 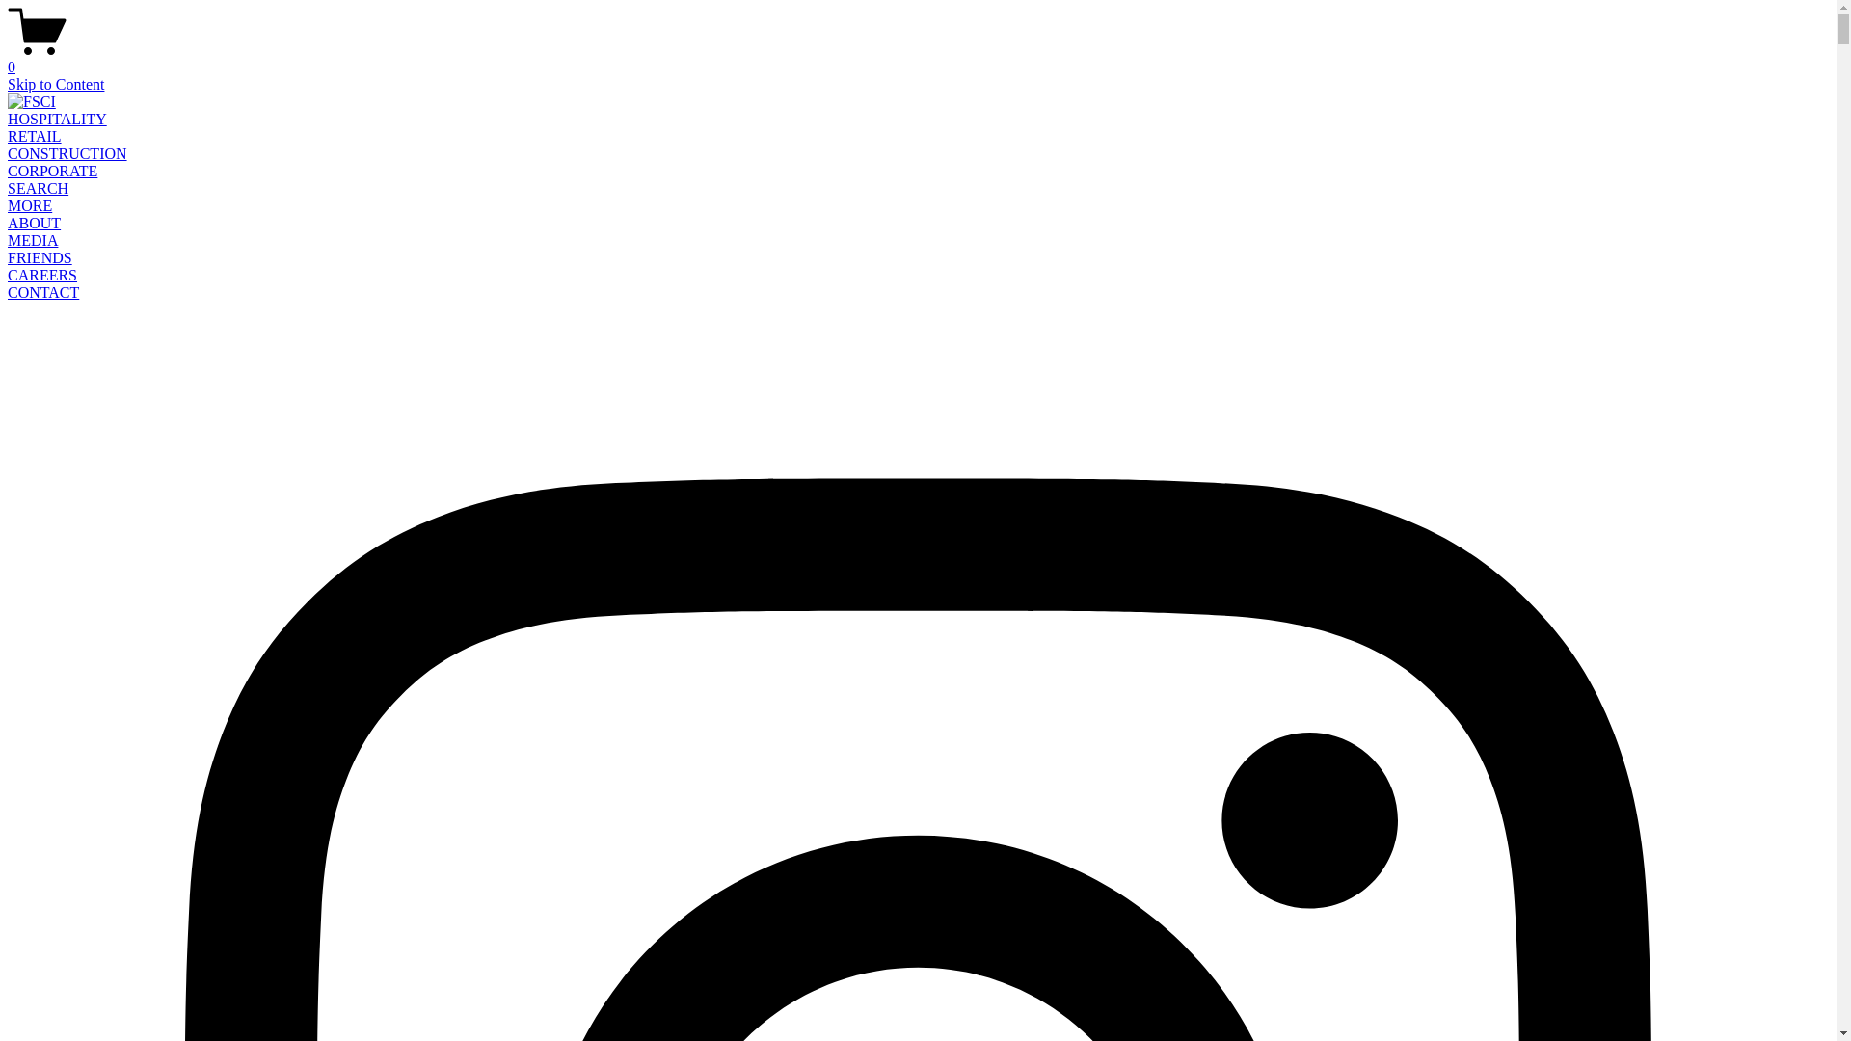 What do you see at coordinates (57, 119) in the screenshot?
I see `'HOSPITALITY'` at bounding box center [57, 119].